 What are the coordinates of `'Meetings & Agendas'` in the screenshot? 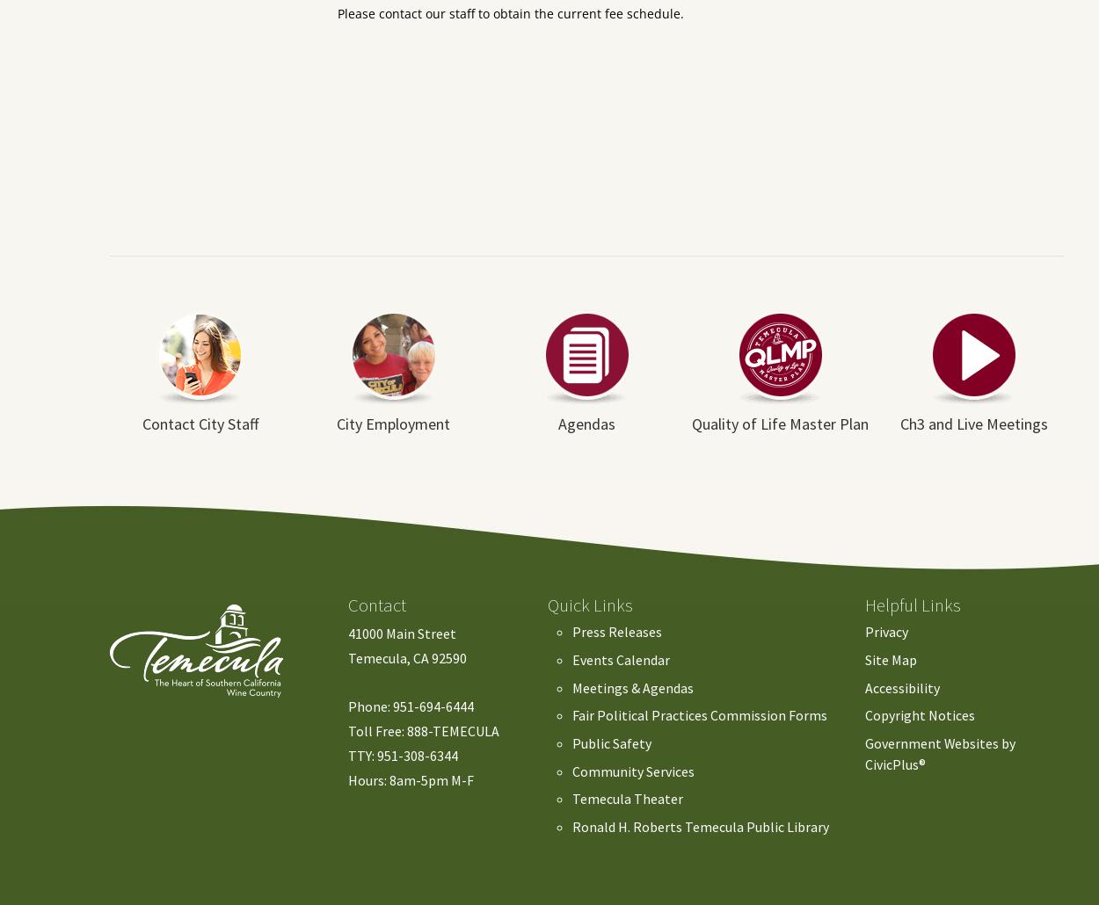 It's located at (632, 685).